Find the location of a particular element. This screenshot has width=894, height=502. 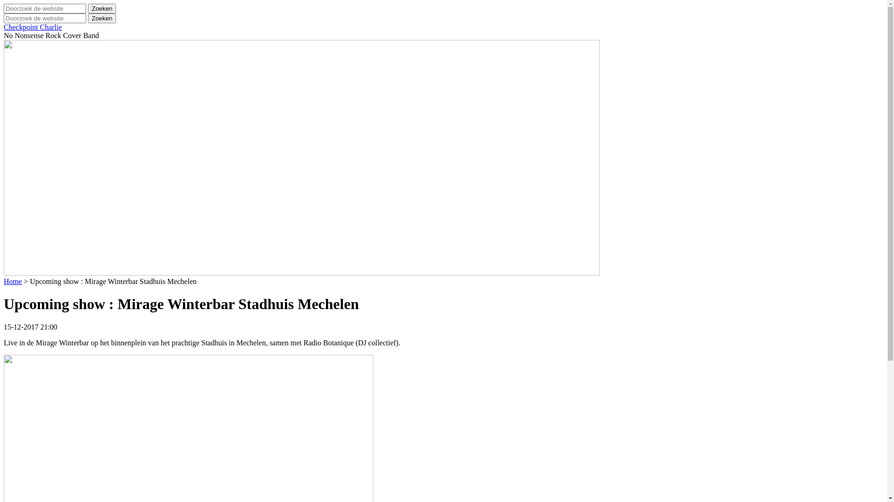

'Checkpoint Charlie' is located at coordinates (33, 26).